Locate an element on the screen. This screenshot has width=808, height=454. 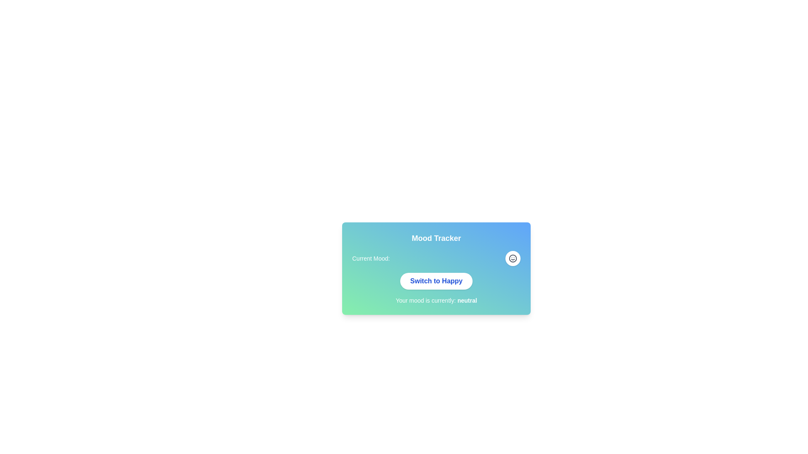
the 'Happy' mood button, which is located centrally below the 'Current Mood:' label and above the text 'Your mood is currently: neutral.' is located at coordinates (436, 281).